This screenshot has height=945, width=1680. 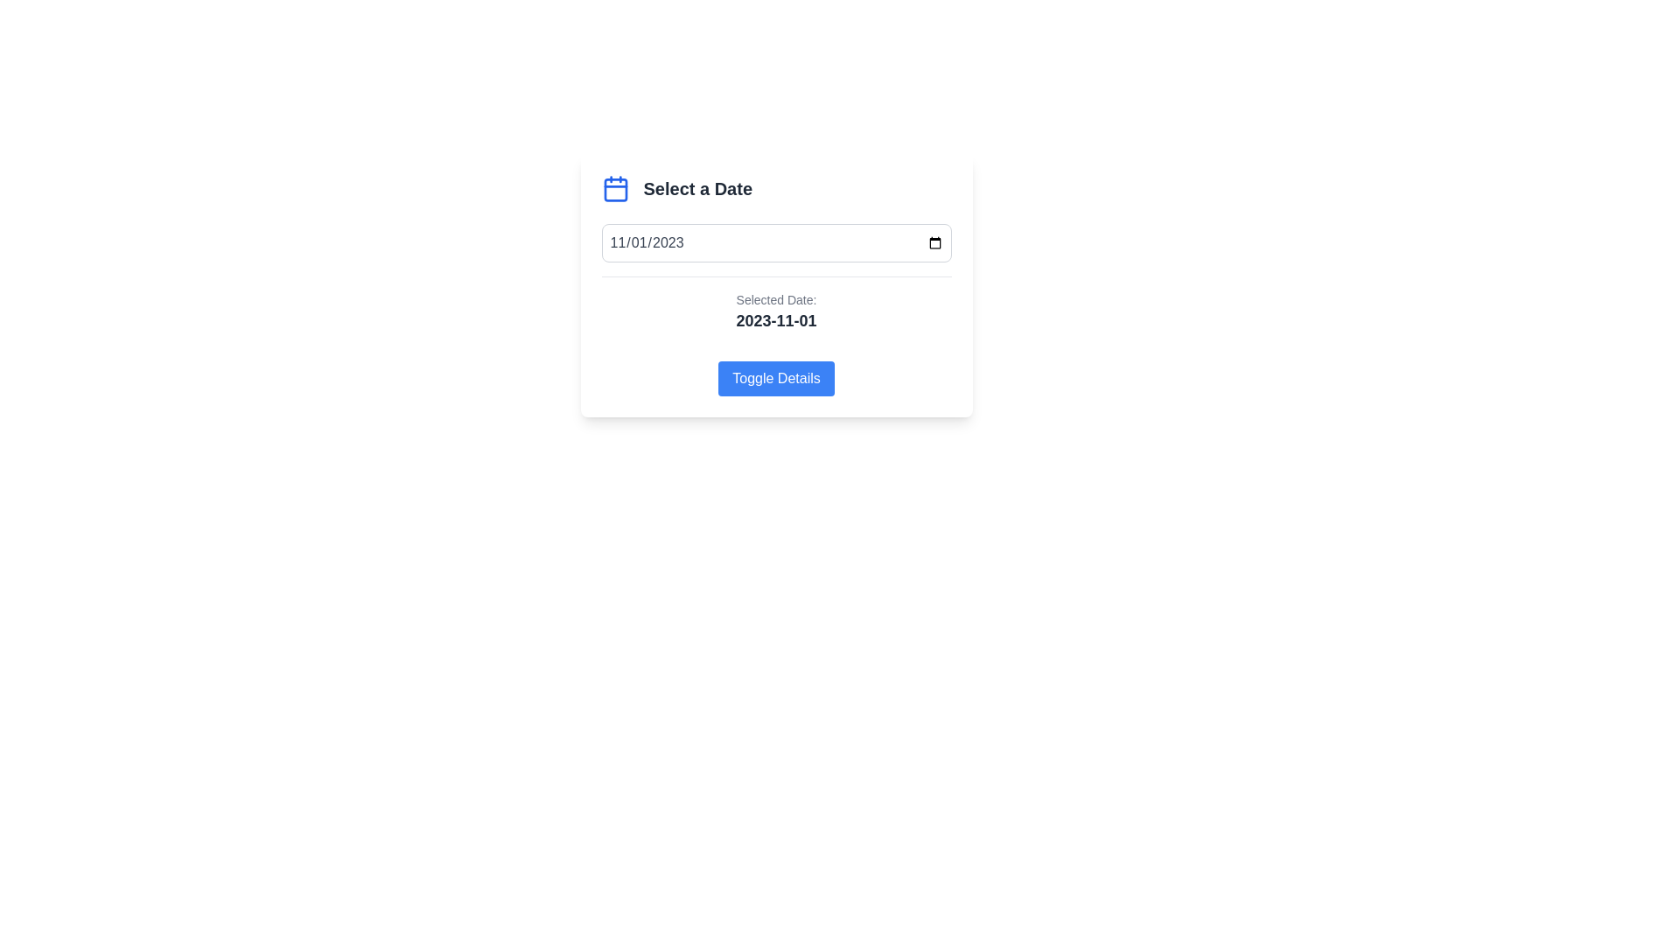 I want to click on the Static Text Display that shows the selected date, which is located in the panel below the date input field and above the 'Toggle Details' button, so click(x=775, y=311).